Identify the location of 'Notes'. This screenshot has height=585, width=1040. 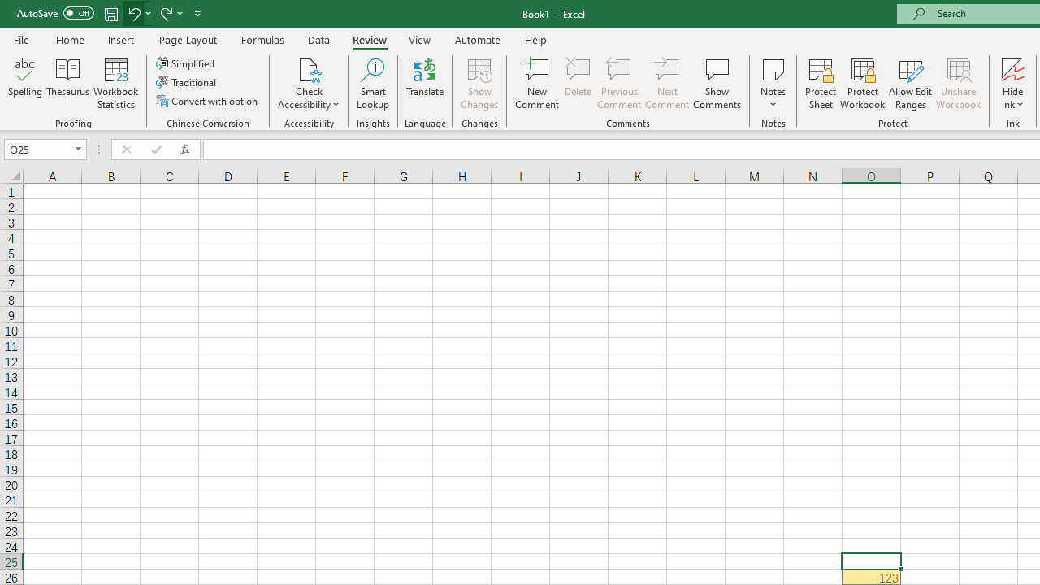
(772, 84).